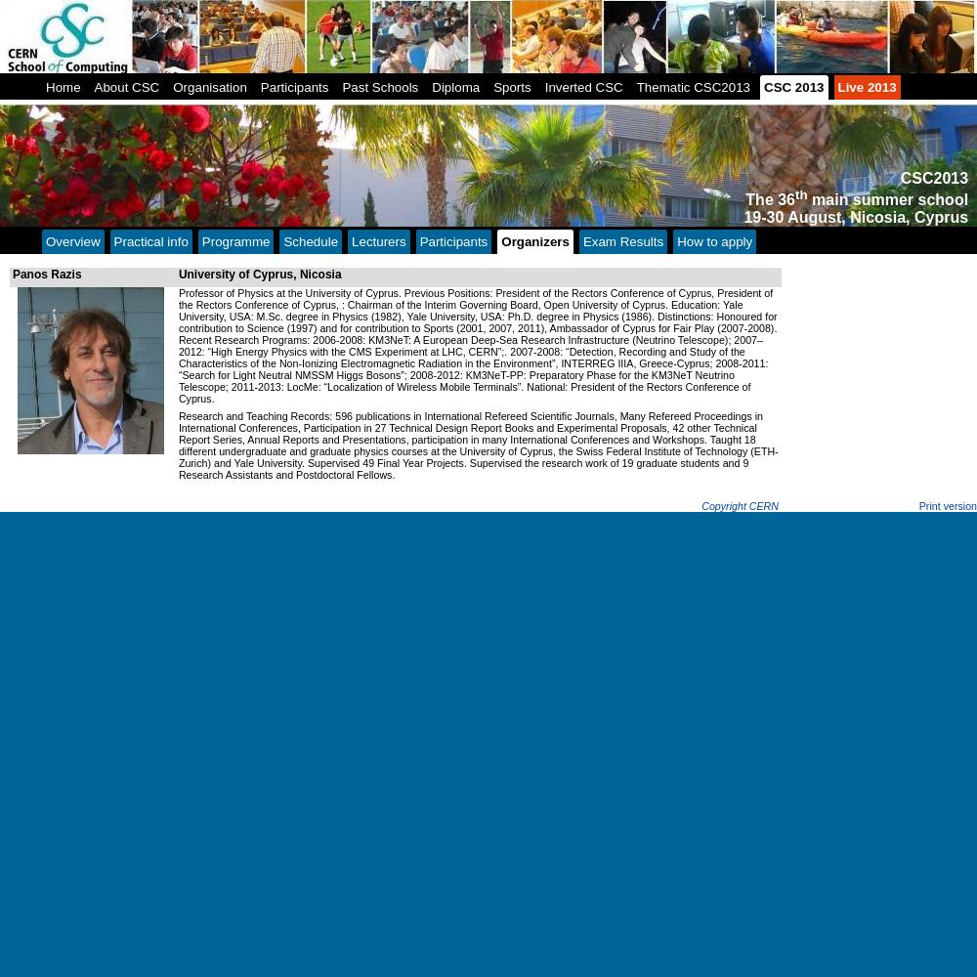 The width and height of the screenshot is (977, 977). What do you see at coordinates (582, 86) in the screenshot?
I see `'Inverted CSC'` at bounding box center [582, 86].